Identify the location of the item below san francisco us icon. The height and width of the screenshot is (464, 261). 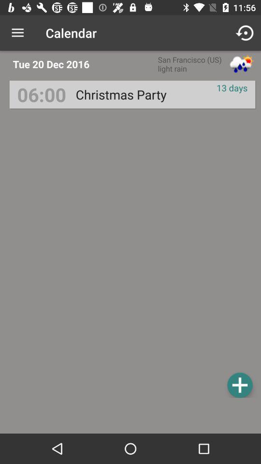
(121, 94).